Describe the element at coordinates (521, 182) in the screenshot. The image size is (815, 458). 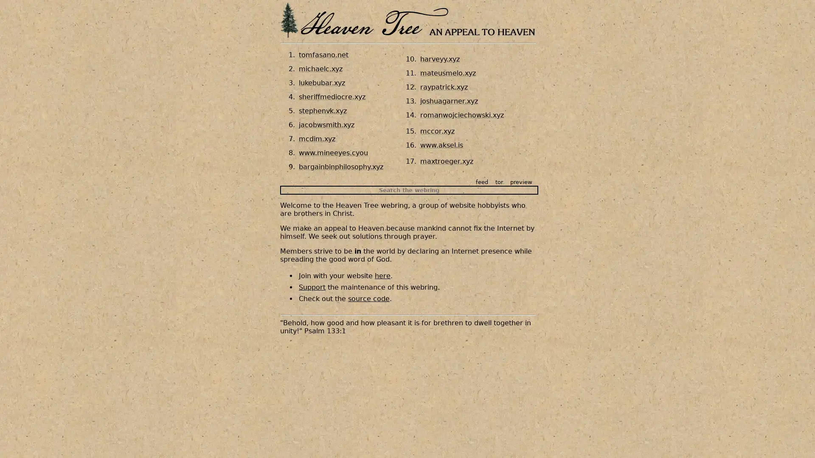
I see `preview` at that location.